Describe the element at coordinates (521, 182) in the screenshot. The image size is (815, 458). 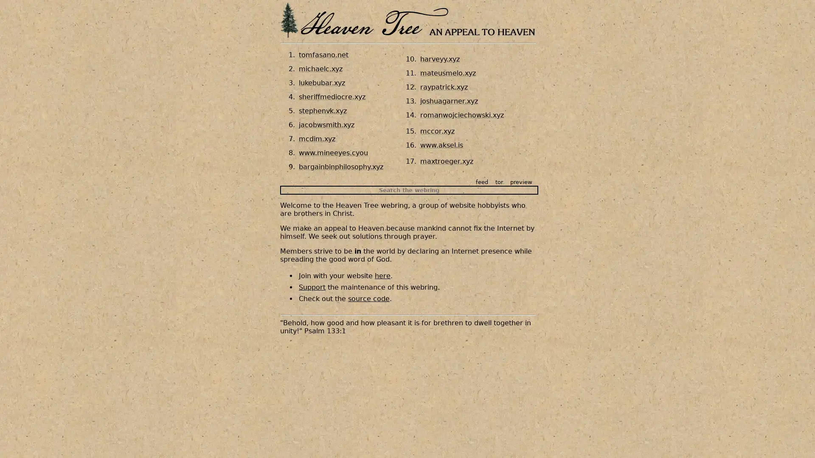
I see `preview` at that location.